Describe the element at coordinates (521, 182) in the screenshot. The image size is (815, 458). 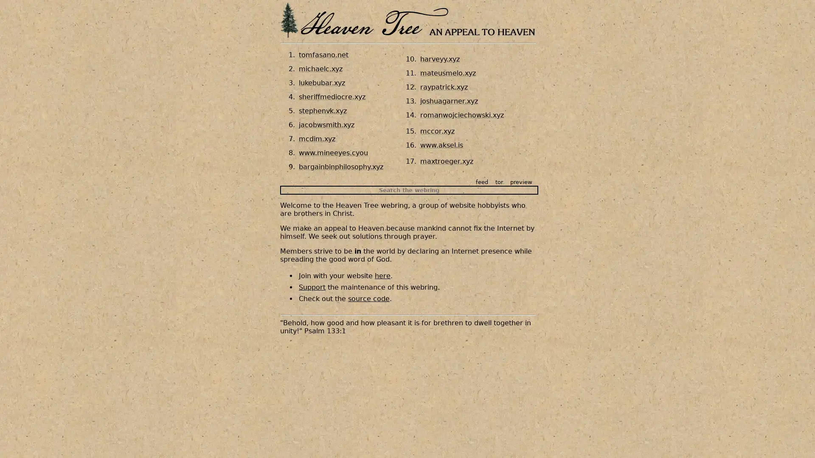
I see `preview` at that location.